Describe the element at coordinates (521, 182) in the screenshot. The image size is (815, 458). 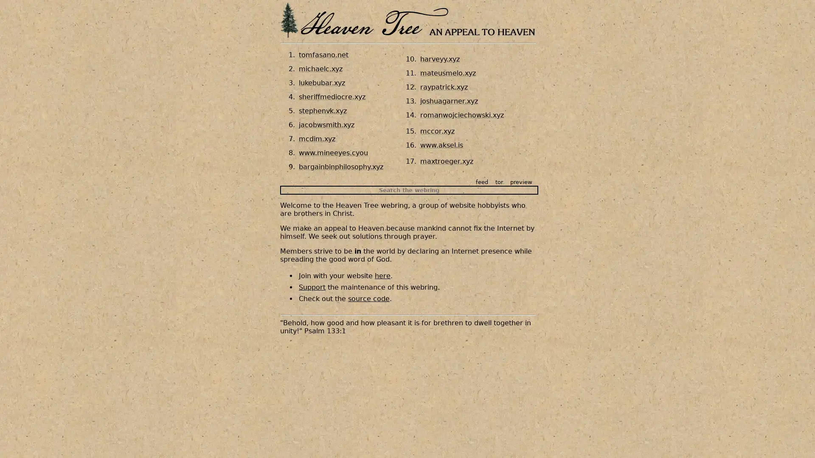
I see `preview` at that location.